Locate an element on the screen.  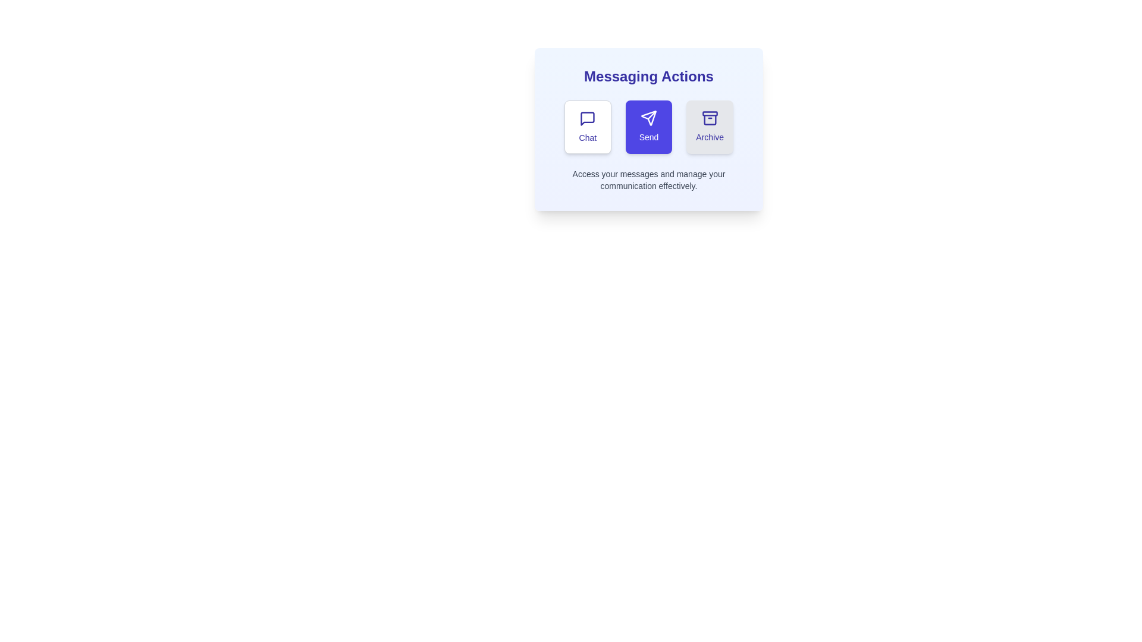
the action card located in the top-left quadrant of the UI, which is centrally positioned between the 'Chat' button on the left and the 'Archive' button on the right is located at coordinates (648, 130).